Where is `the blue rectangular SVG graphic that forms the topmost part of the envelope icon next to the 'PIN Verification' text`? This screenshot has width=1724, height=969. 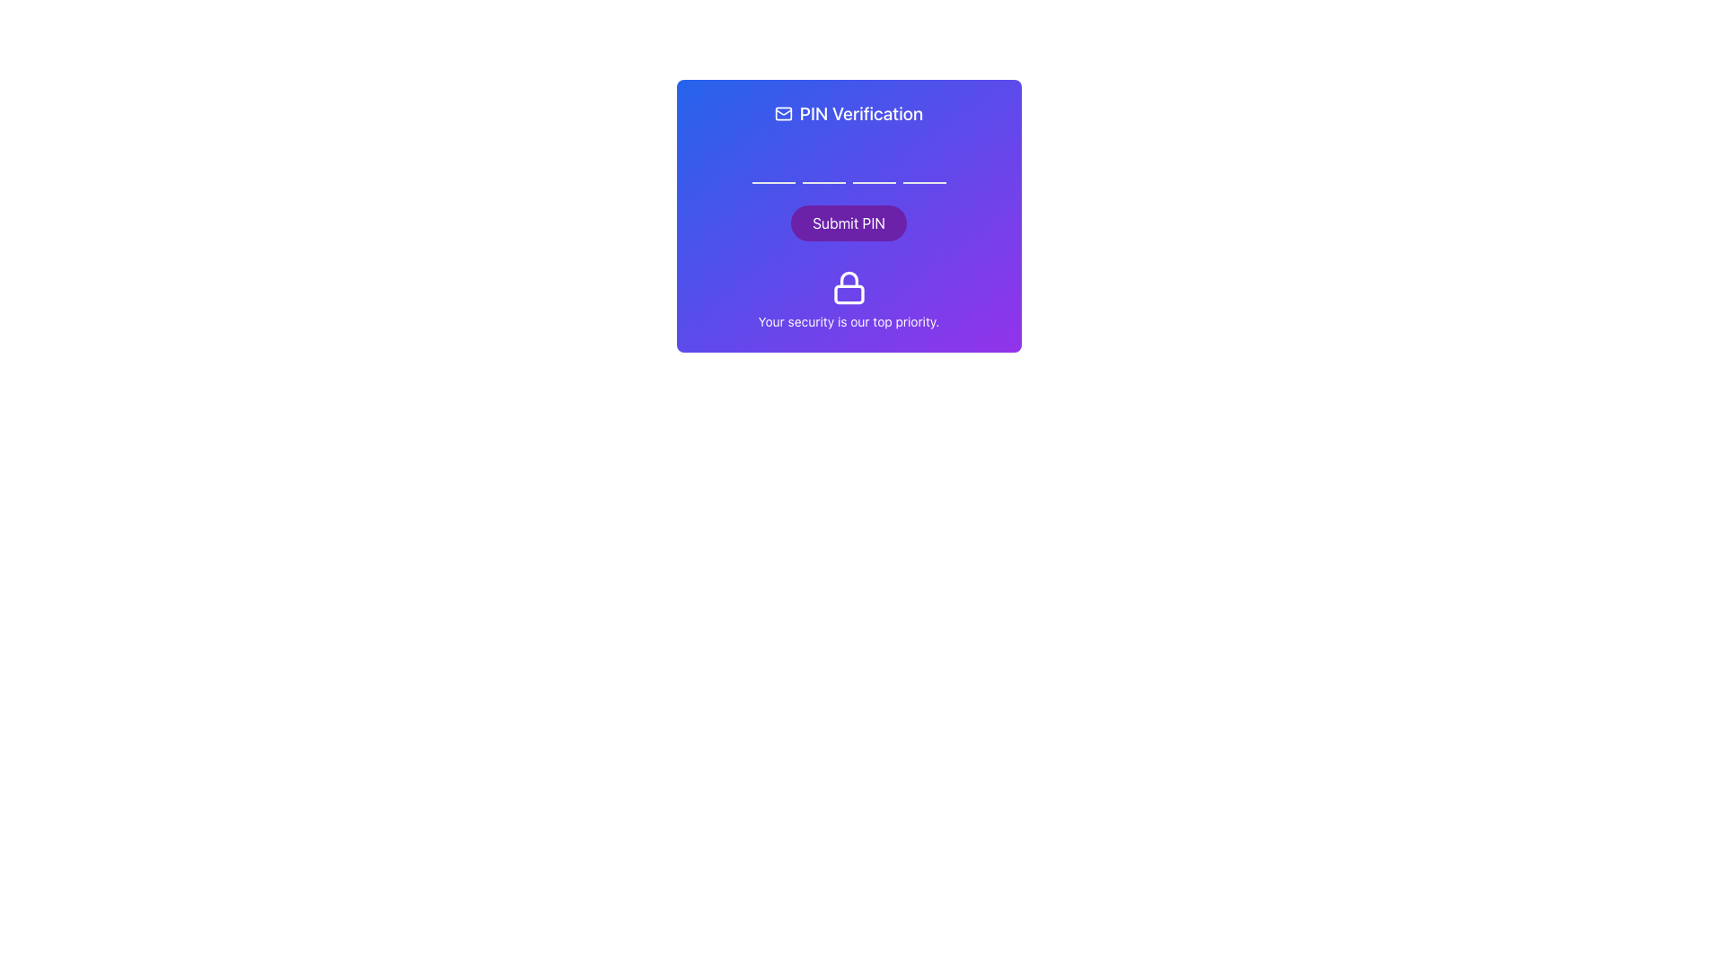 the blue rectangular SVG graphic that forms the topmost part of the envelope icon next to the 'PIN Verification' text is located at coordinates (783, 114).